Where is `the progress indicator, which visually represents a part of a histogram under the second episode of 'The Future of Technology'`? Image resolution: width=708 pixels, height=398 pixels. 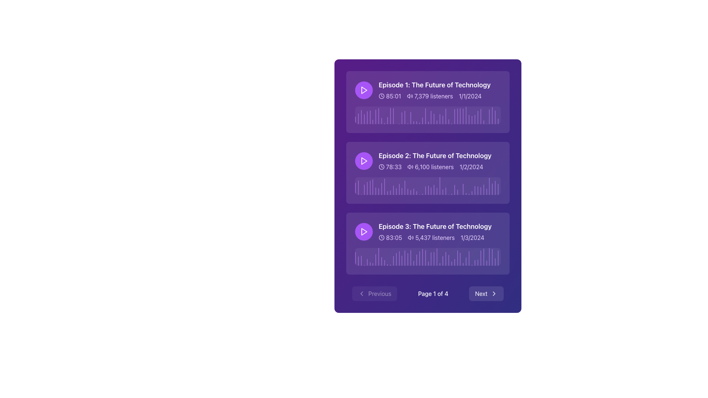 the progress indicator, which visually represents a part of a histogram under the second episode of 'The Future of Technology' is located at coordinates (445, 191).